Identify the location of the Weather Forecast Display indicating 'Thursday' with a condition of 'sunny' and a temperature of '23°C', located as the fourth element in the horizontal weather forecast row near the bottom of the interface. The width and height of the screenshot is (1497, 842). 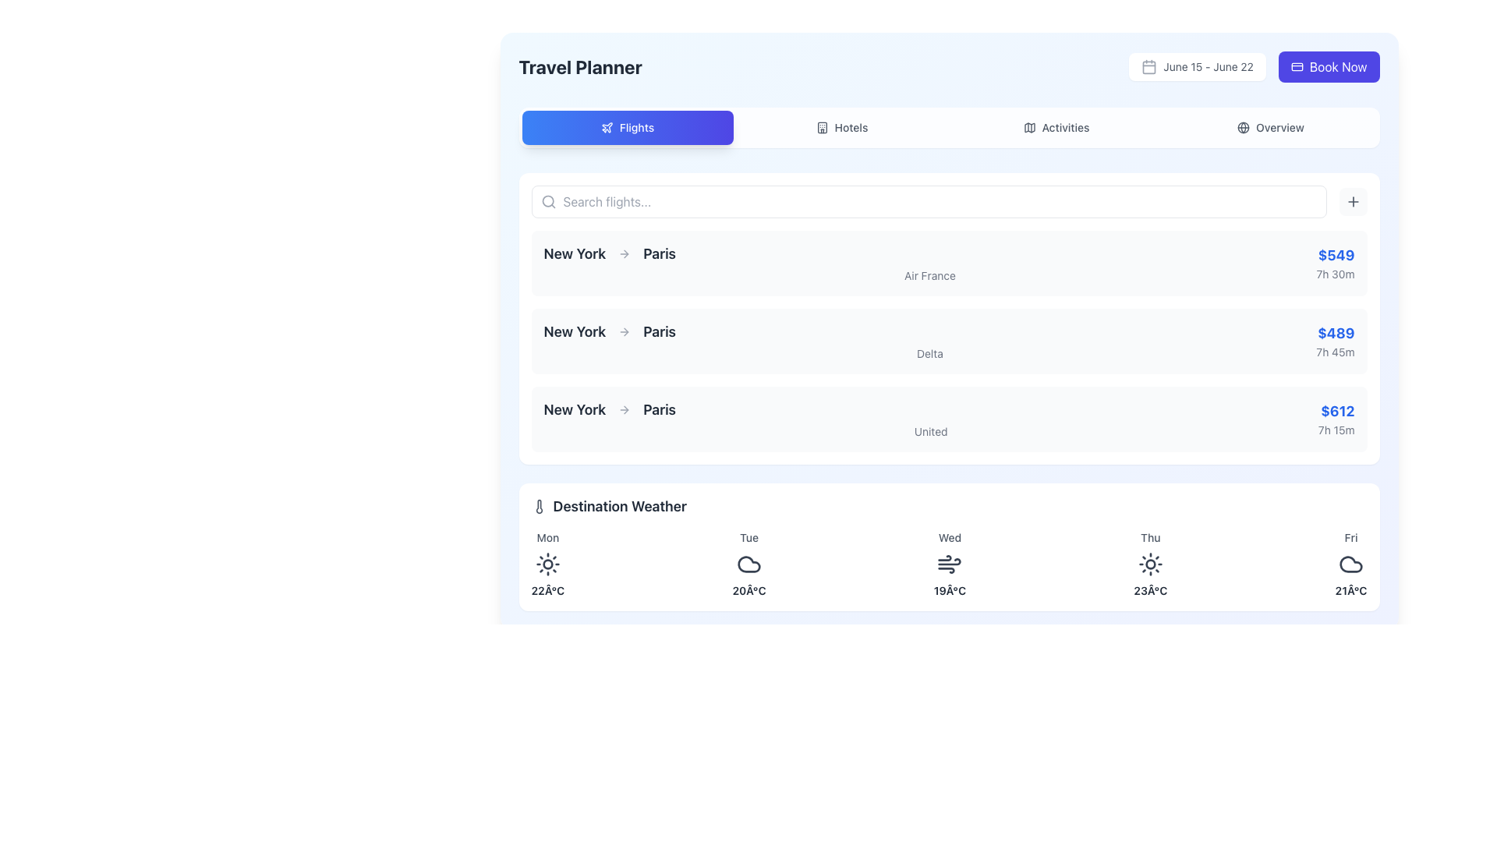
(1150, 564).